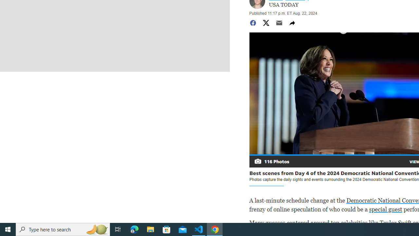  What do you see at coordinates (385, 209) in the screenshot?
I see `'special guest'` at bounding box center [385, 209].